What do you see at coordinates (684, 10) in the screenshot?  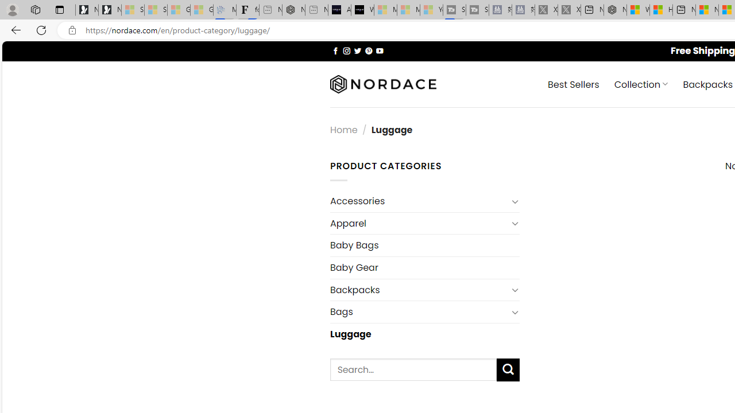 I see `'New tab'` at bounding box center [684, 10].